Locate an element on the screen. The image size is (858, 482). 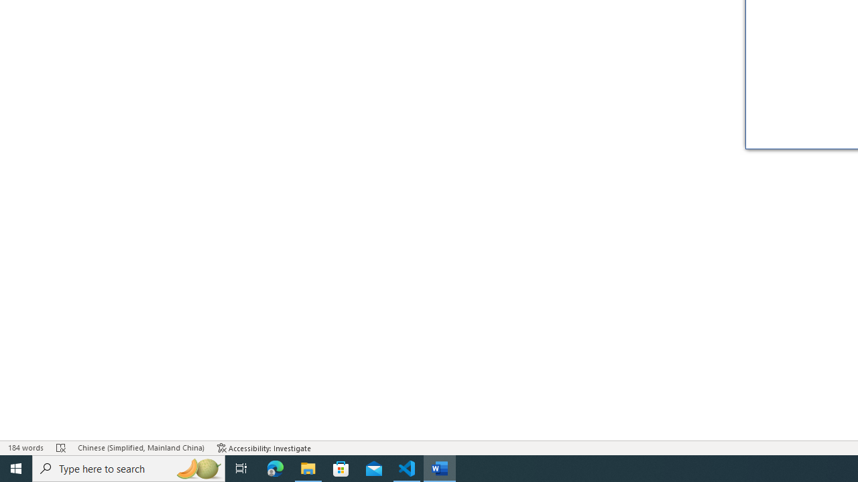
'Type here to search' is located at coordinates (129, 467).